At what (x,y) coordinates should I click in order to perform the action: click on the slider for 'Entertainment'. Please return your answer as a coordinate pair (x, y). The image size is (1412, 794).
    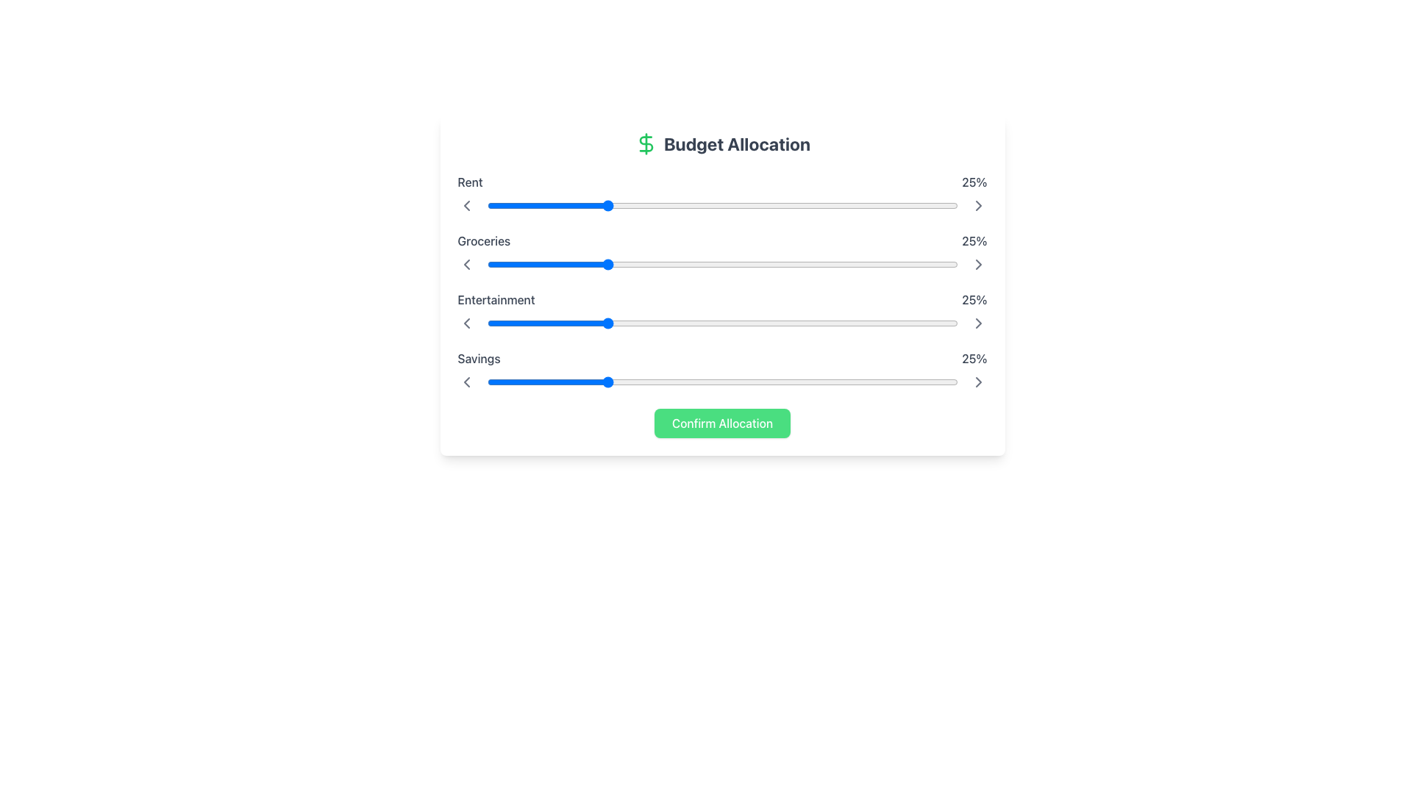
    Looking at the image, I should click on (746, 322).